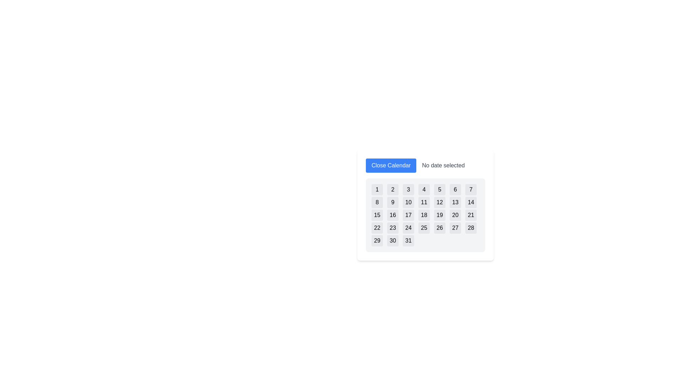 The image size is (682, 383). Describe the element at coordinates (455, 228) in the screenshot. I see `the square button labeled '27'` at that location.